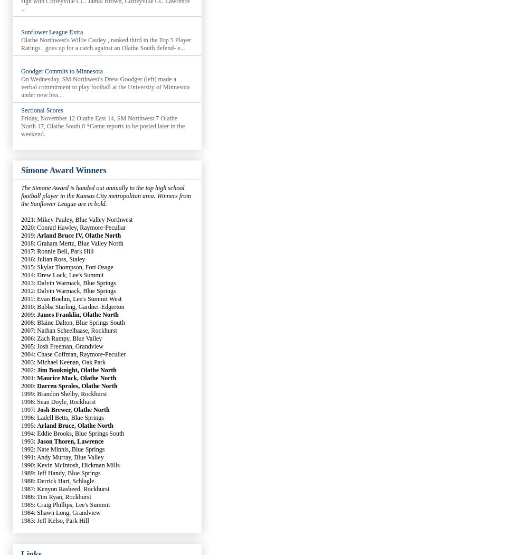 The height and width of the screenshot is (555, 532). I want to click on '2013: Dalvin Warmack, Blue Springs', so click(68, 283).